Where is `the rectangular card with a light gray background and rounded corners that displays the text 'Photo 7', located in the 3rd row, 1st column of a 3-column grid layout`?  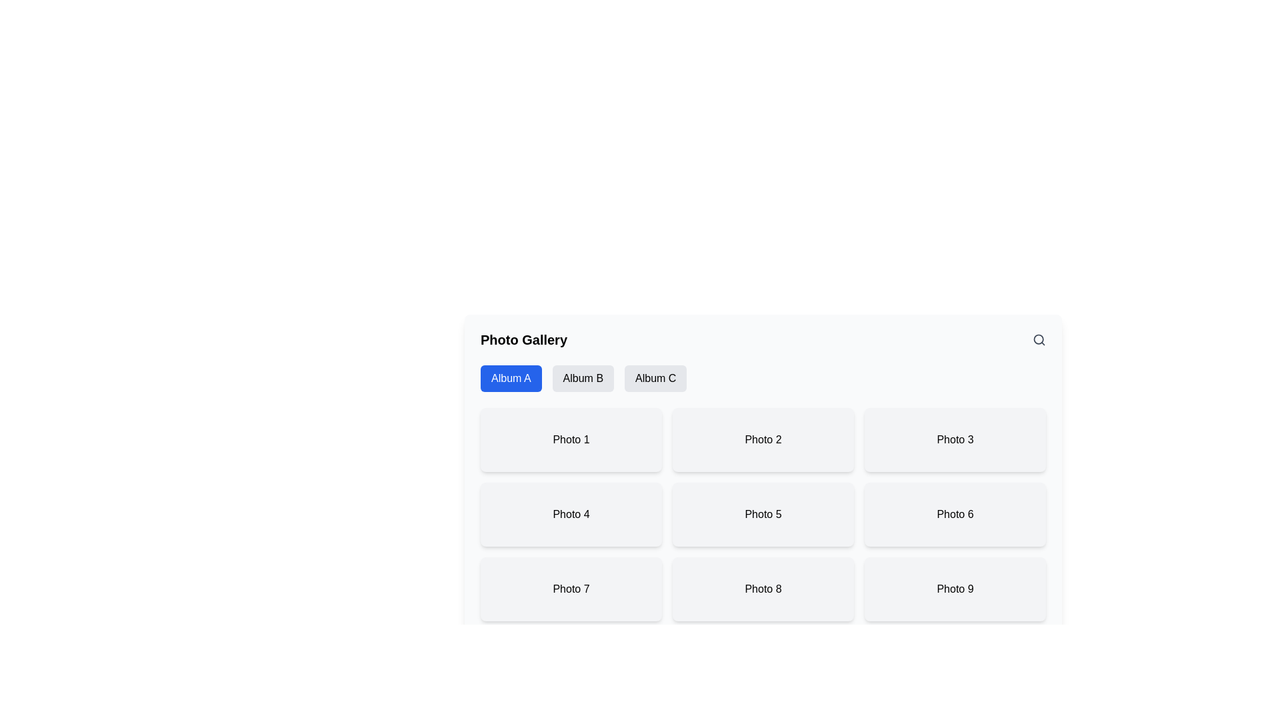 the rectangular card with a light gray background and rounded corners that displays the text 'Photo 7', located in the 3rd row, 1st column of a 3-column grid layout is located at coordinates (571, 588).